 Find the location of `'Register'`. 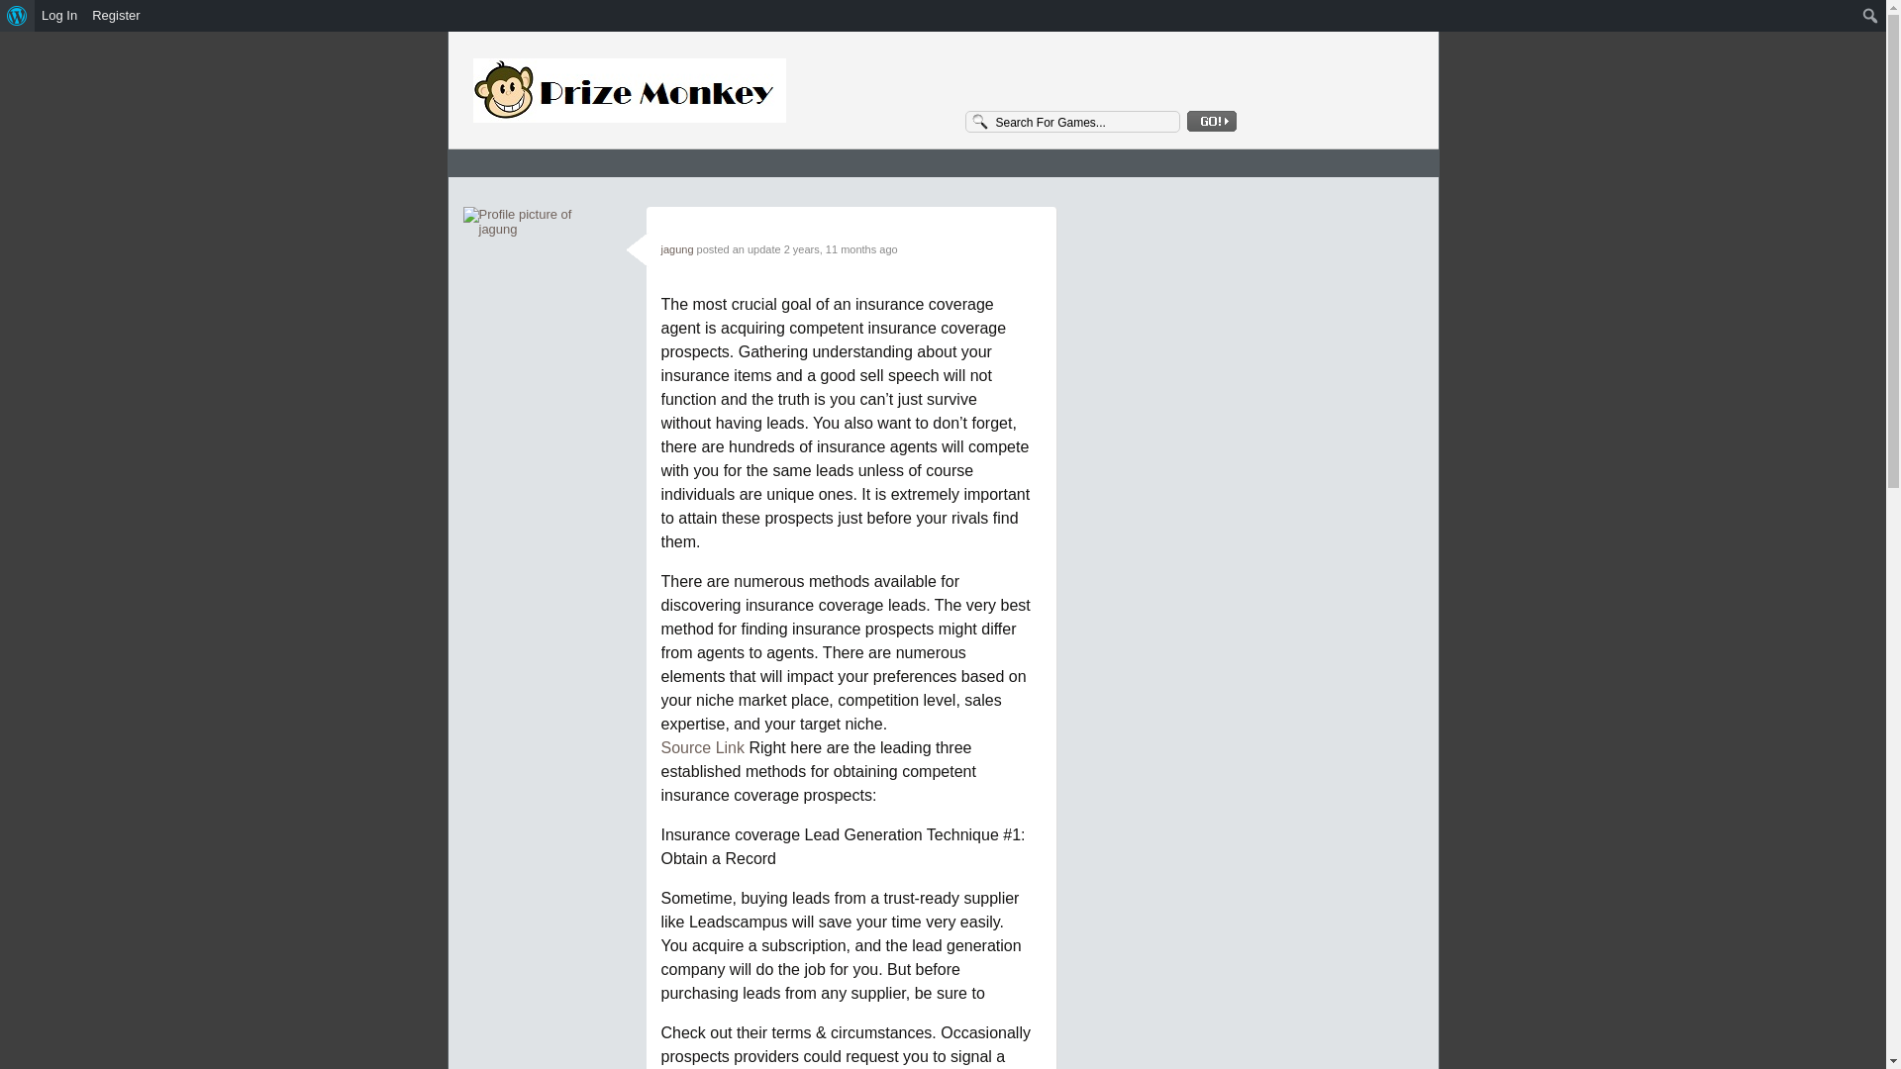

'Register' is located at coordinates (115, 15).